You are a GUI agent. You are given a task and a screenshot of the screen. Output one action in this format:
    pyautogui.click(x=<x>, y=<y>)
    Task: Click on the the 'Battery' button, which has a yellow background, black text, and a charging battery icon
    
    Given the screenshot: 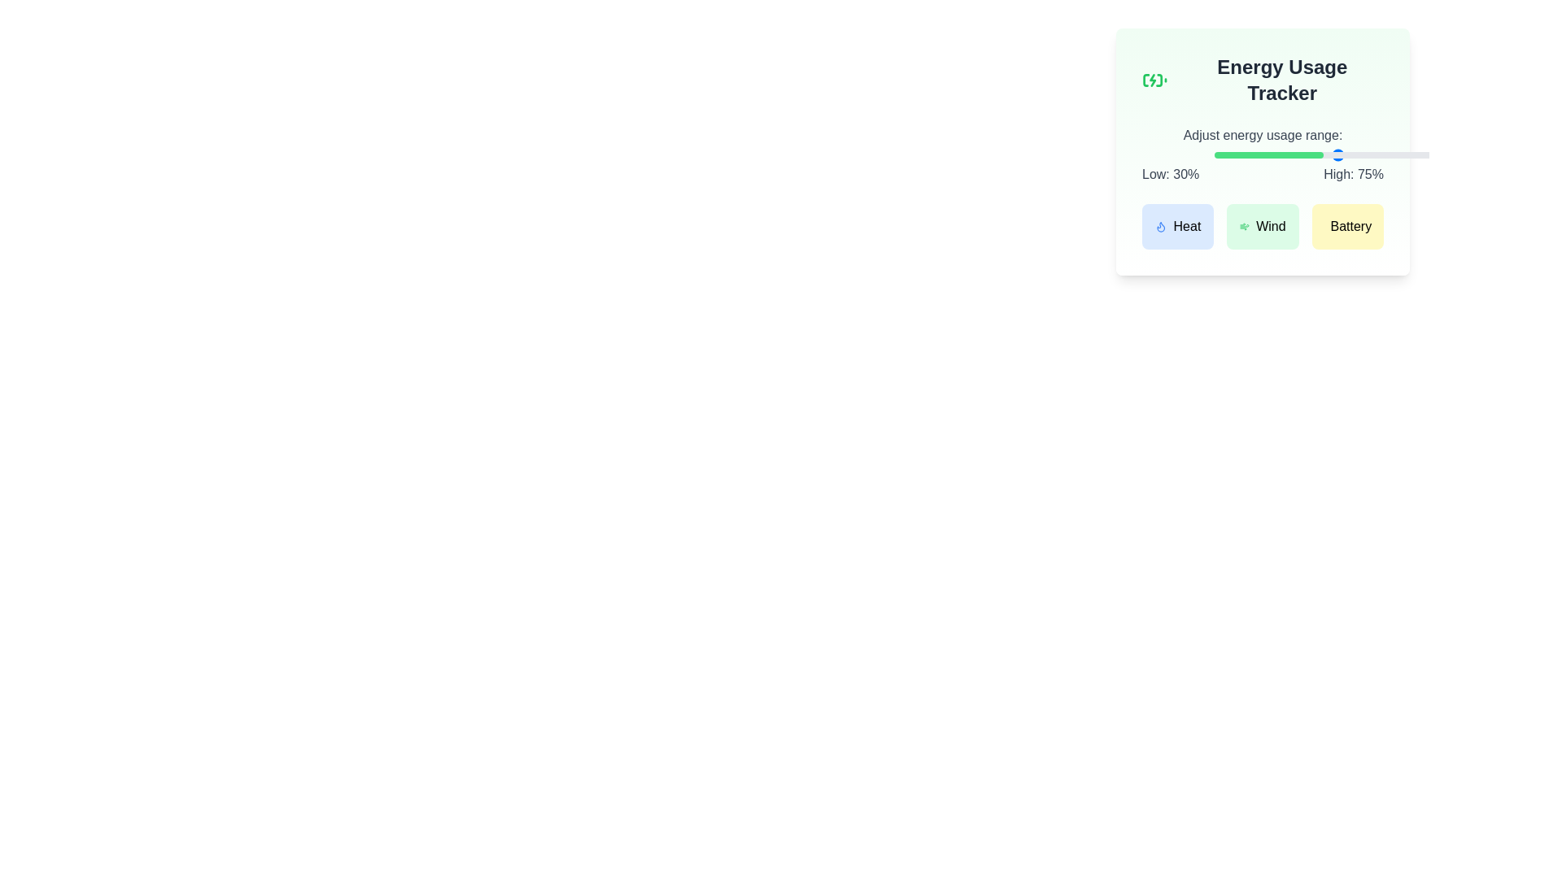 What is the action you would take?
    pyautogui.click(x=1347, y=226)
    